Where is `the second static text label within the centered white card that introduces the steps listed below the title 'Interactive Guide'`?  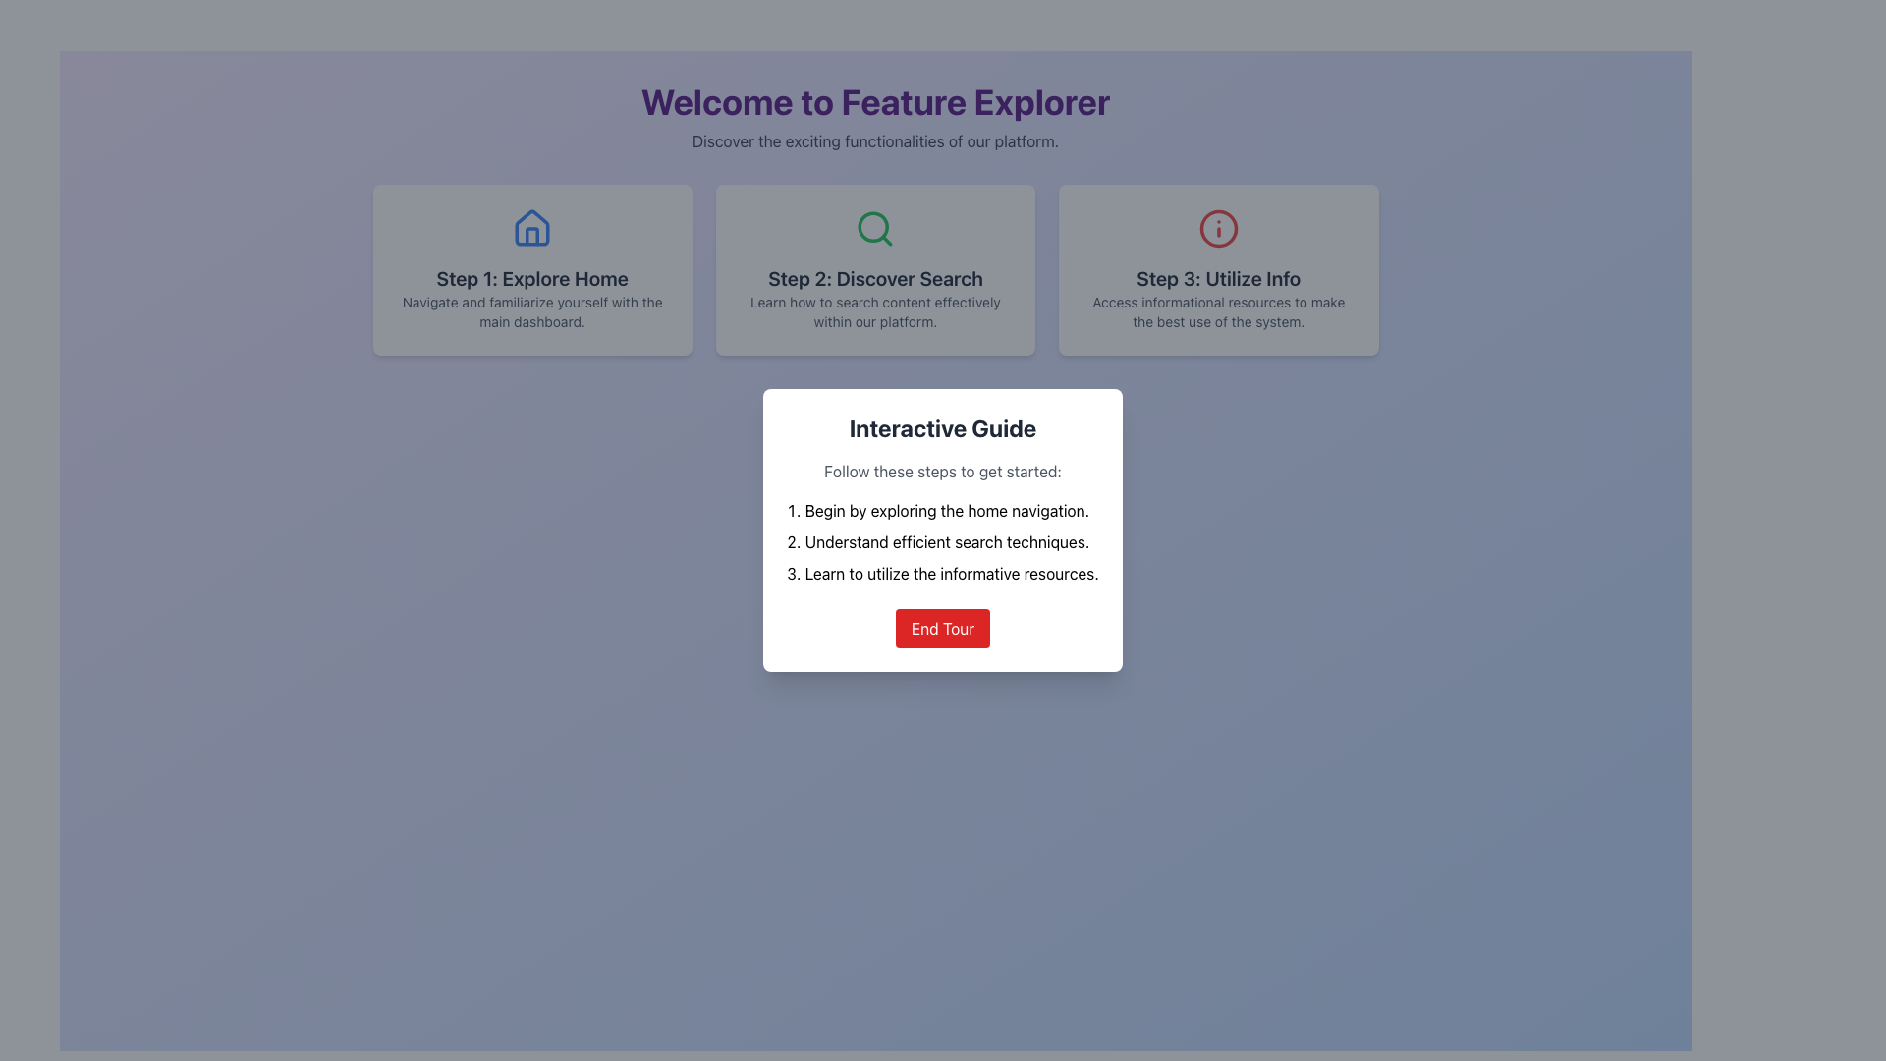 the second static text label within the centered white card that introduces the steps listed below the title 'Interactive Guide' is located at coordinates (943, 471).